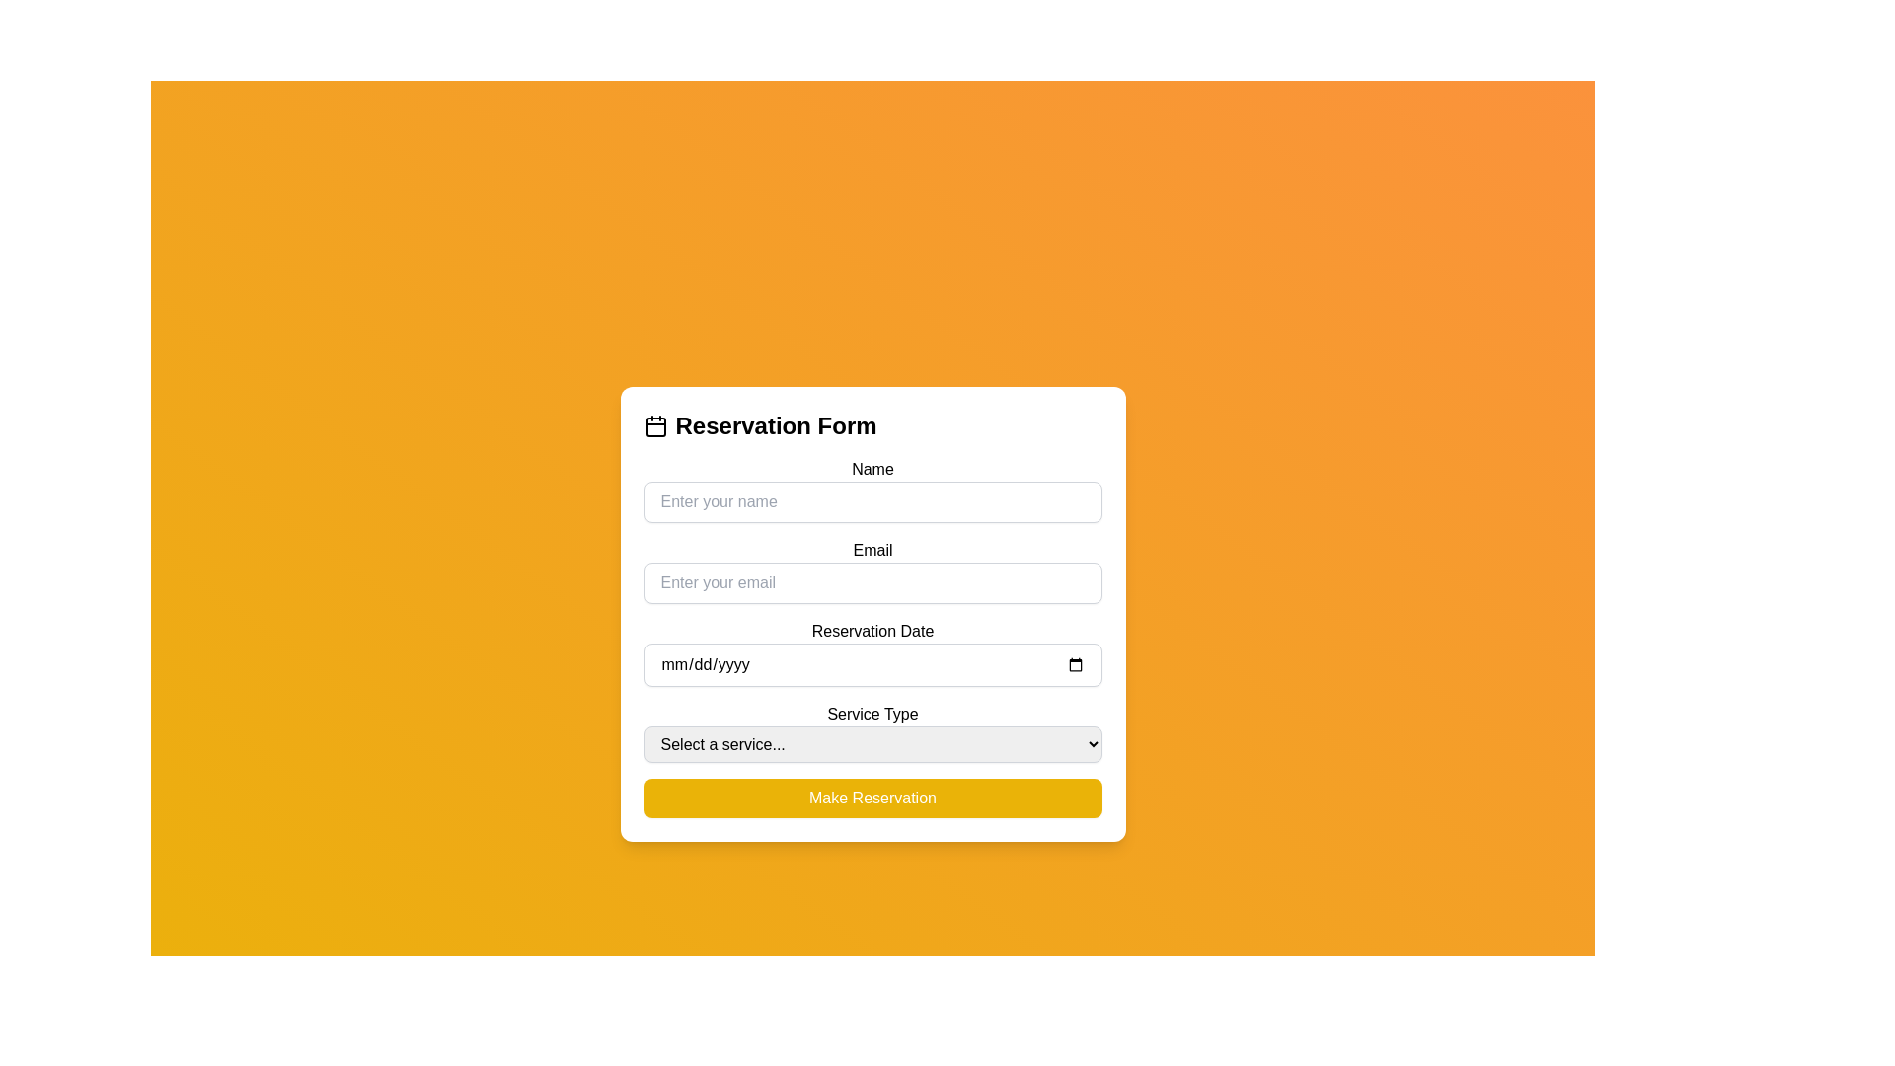  I want to click on the 'Reservation Date' Date Picker Input element, so click(872, 652).